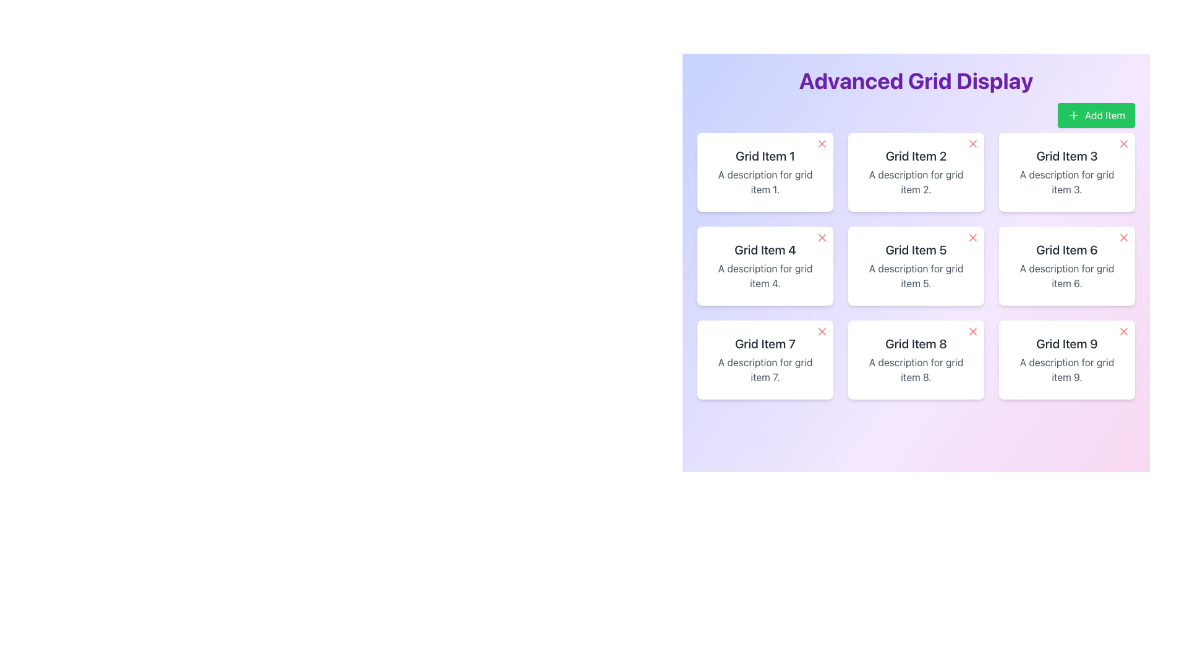  I want to click on the deletion icon located in the top-right corner of 'Grid Item 5', so click(972, 238).